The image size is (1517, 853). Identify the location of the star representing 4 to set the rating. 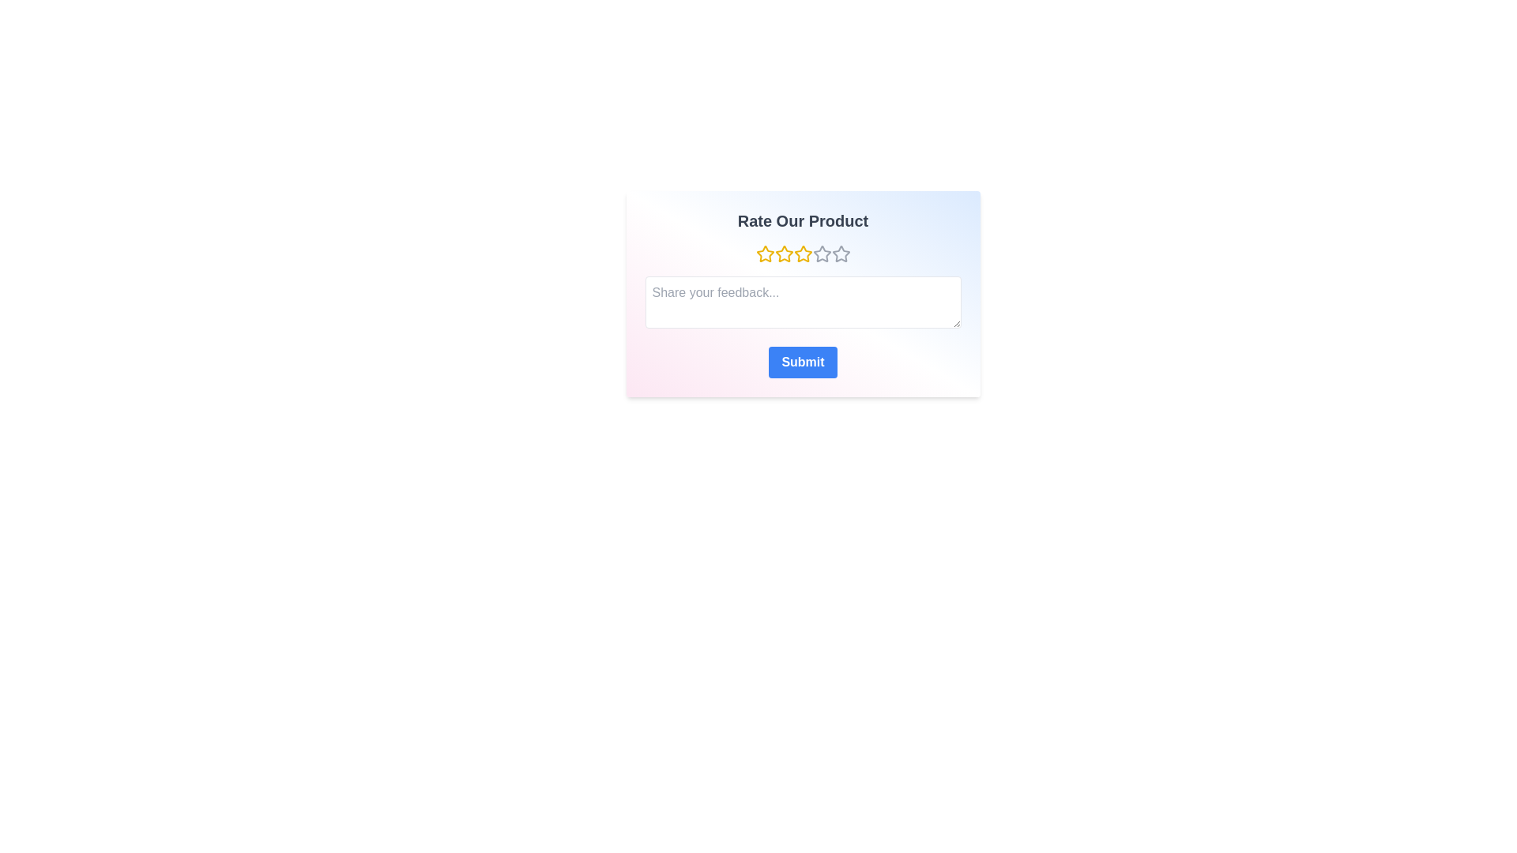
(822, 253).